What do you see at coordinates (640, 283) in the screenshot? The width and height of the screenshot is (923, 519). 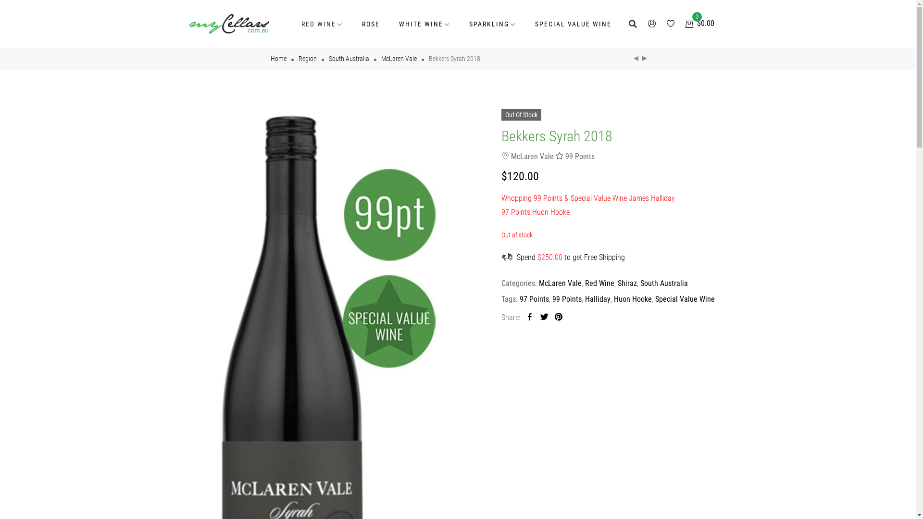 I see `'South Australia'` at bounding box center [640, 283].